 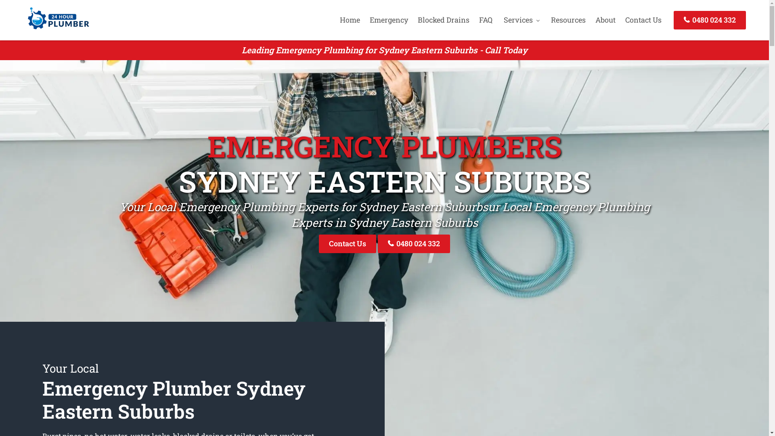 What do you see at coordinates (522, 19) in the screenshot?
I see `'Services'` at bounding box center [522, 19].